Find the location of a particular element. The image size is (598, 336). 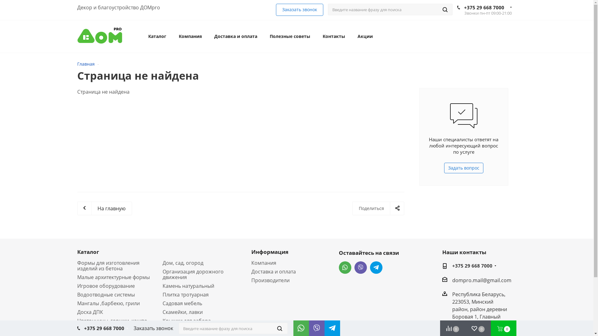

'+375 29 668 7000' is located at coordinates (464, 7).